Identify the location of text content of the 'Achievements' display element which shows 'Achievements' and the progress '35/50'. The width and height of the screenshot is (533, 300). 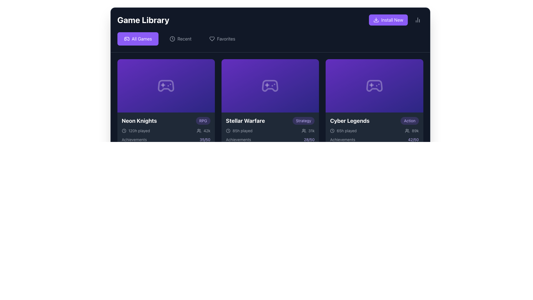
(166, 139).